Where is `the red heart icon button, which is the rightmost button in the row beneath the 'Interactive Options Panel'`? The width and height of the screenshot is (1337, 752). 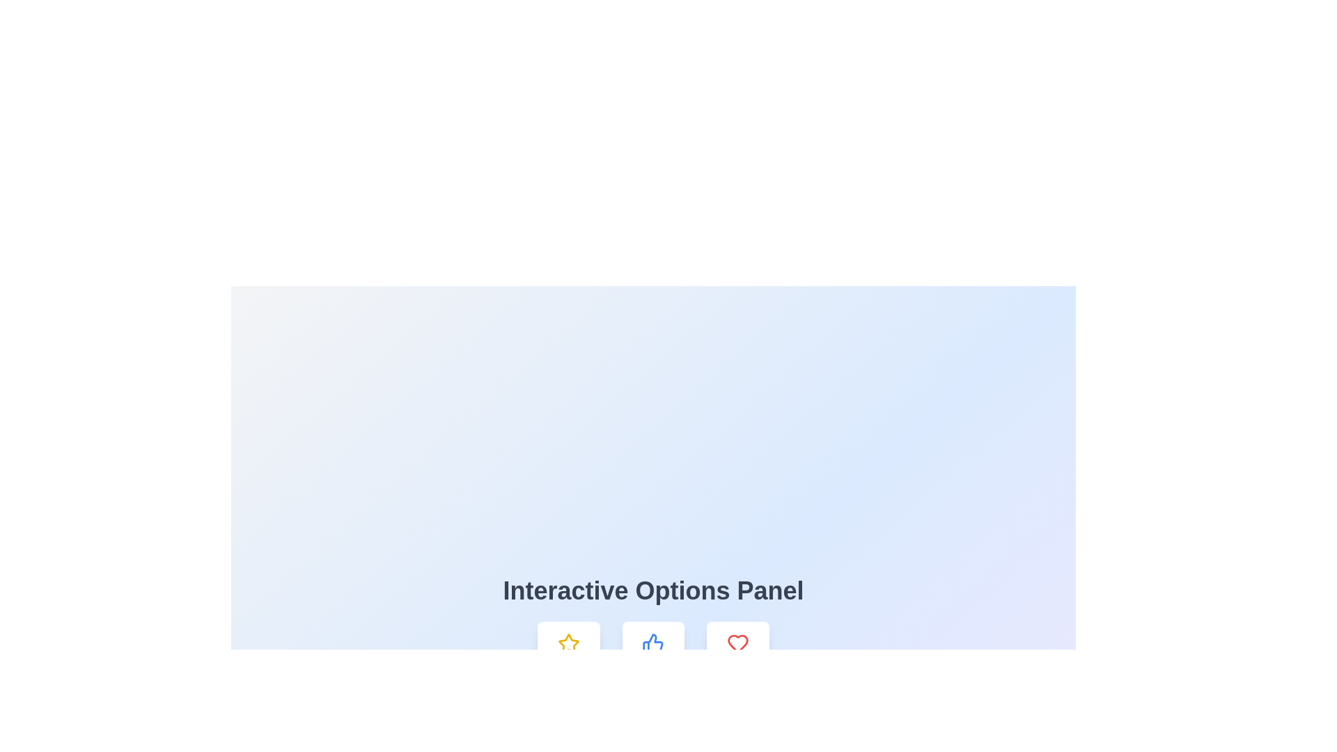
the red heart icon button, which is the rightmost button in the row beneath the 'Interactive Options Panel' is located at coordinates (737, 644).